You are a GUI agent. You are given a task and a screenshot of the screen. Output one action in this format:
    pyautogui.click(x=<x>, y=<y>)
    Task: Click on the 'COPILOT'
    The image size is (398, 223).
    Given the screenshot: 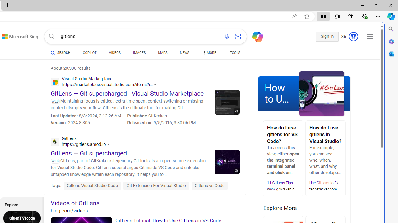 What is the action you would take?
    pyautogui.click(x=89, y=53)
    